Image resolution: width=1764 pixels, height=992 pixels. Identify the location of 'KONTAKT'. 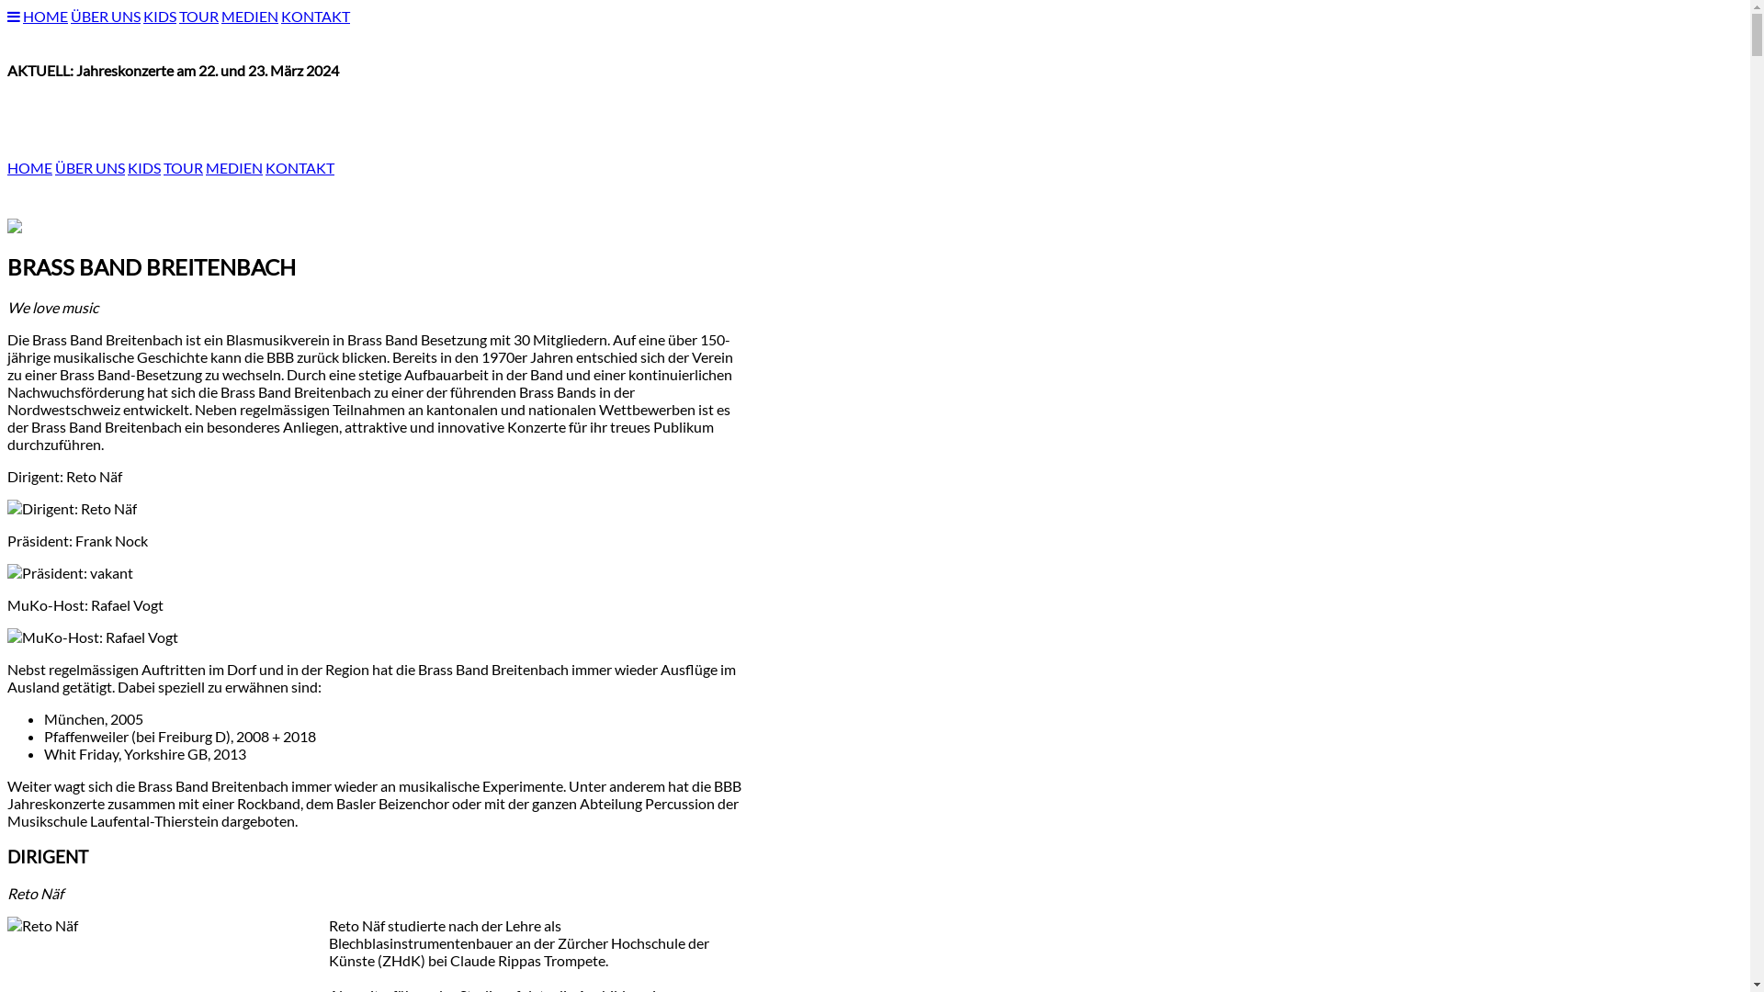
(300, 167).